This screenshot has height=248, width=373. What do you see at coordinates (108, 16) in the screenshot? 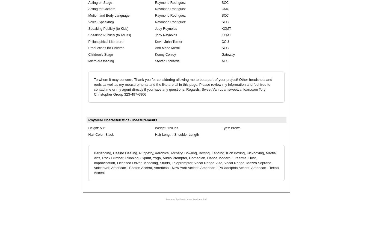
I see `'Motion and Body Language'` at bounding box center [108, 16].